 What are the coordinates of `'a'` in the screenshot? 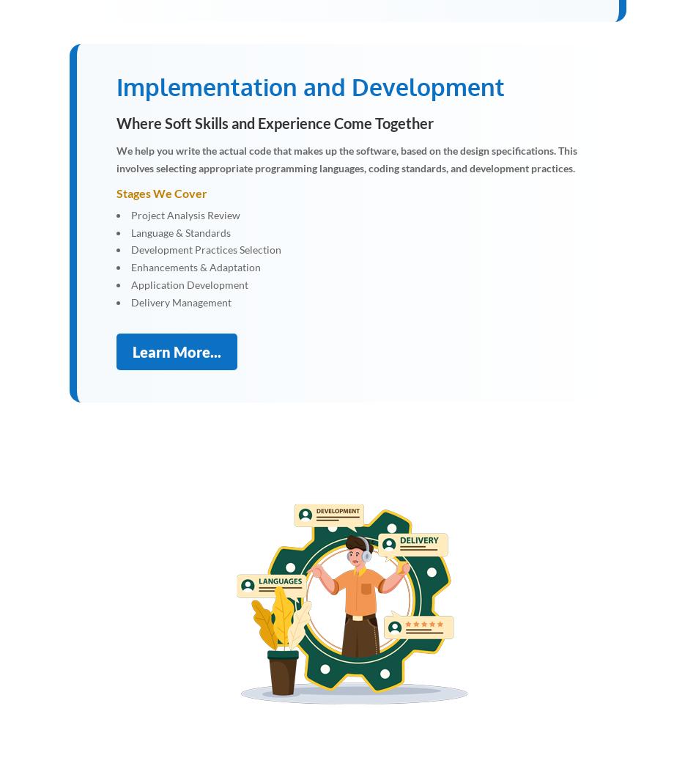 It's located at (355, 608).